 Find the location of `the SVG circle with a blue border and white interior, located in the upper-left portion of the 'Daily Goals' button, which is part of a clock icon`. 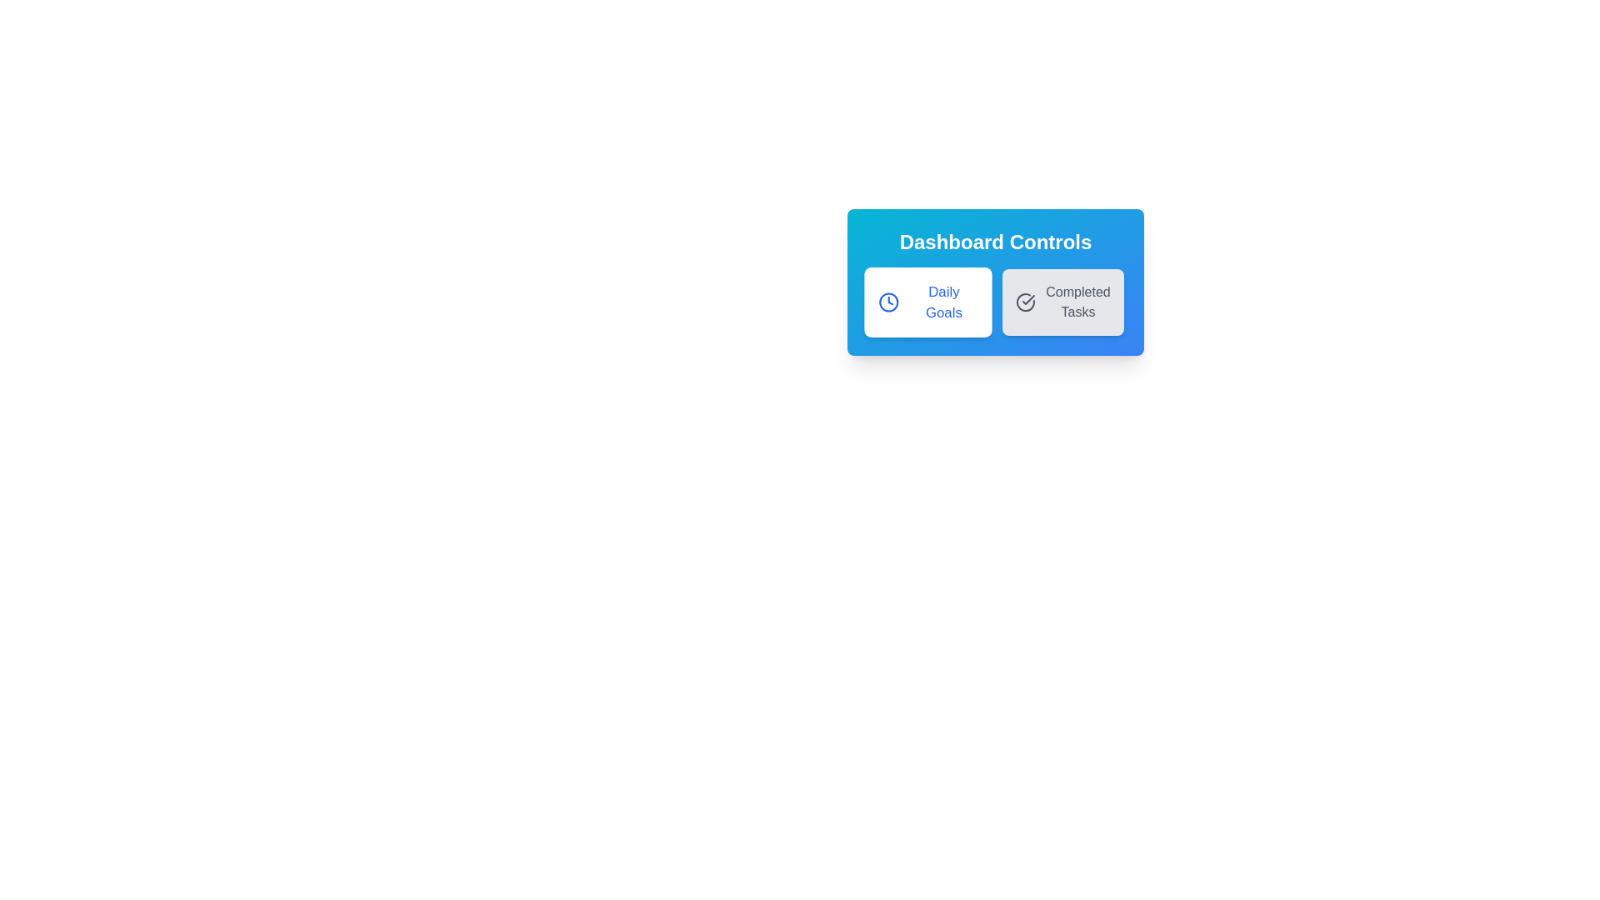

the SVG circle with a blue border and white interior, located in the upper-left portion of the 'Daily Goals' button, which is part of a clock icon is located at coordinates (887, 302).